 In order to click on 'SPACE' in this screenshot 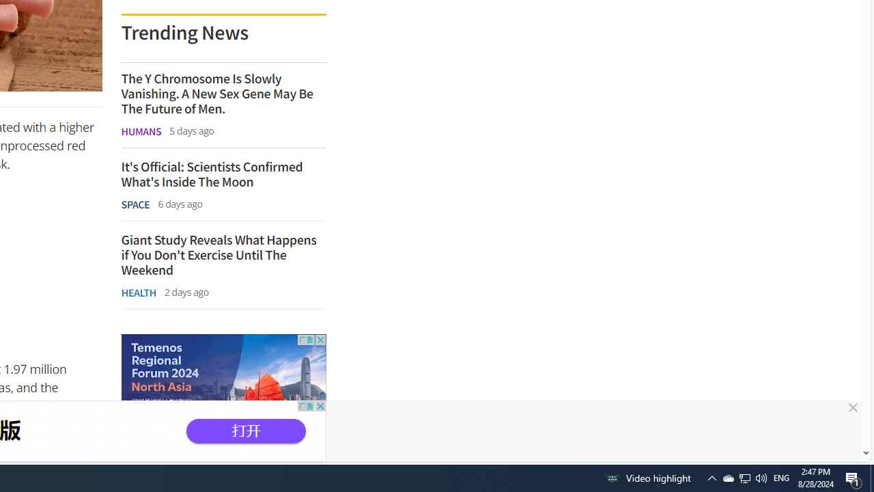, I will do `click(135, 204)`.